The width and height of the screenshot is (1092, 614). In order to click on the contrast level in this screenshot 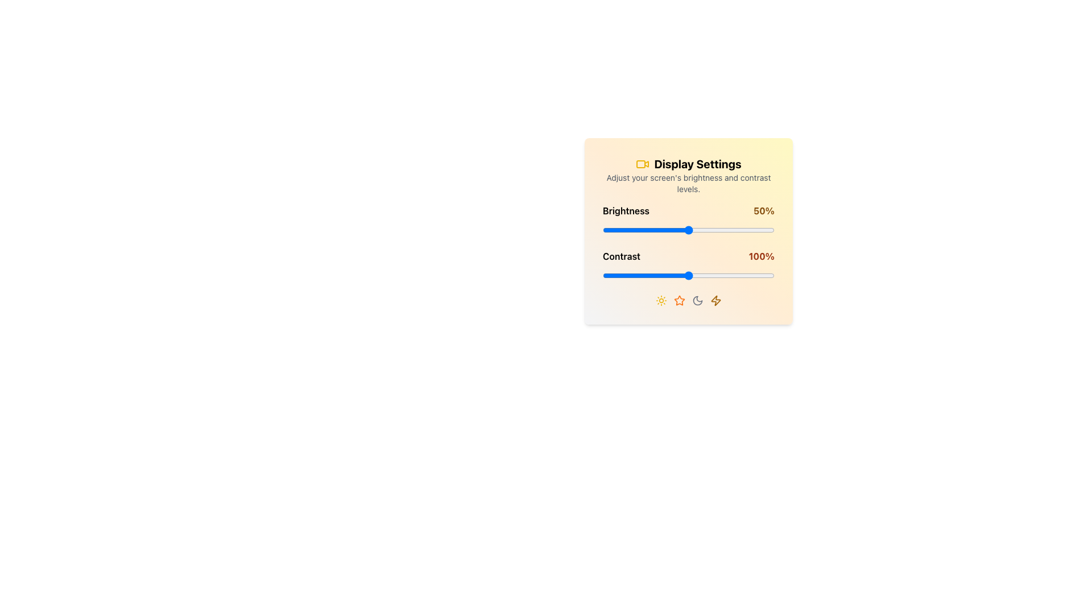, I will do `click(680, 276)`.